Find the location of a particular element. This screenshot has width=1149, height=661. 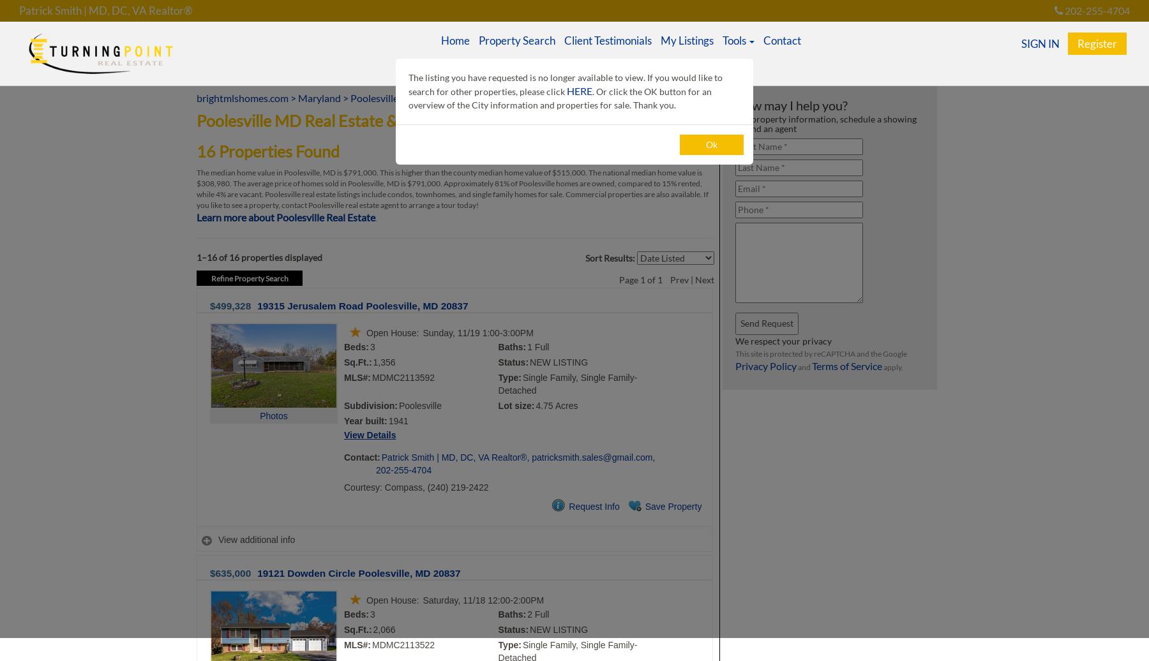

'This site is protected by reCAPTCHA and the Google' is located at coordinates (821, 353).